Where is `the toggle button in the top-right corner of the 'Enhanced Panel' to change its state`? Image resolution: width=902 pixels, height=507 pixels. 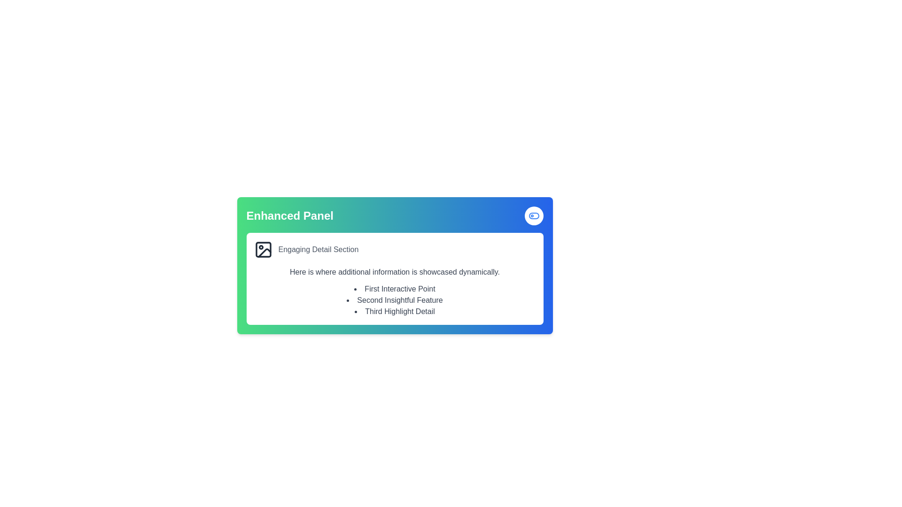 the toggle button in the top-right corner of the 'Enhanced Panel' to change its state is located at coordinates (534, 215).